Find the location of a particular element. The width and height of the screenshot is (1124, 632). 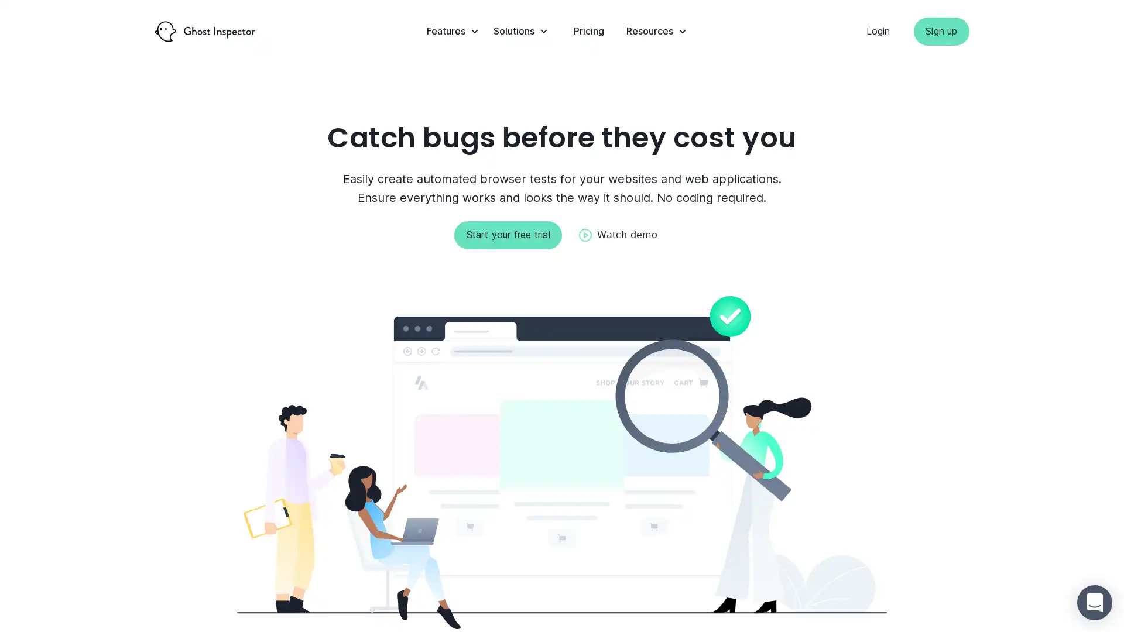

Watch demo is located at coordinates (617, 235).